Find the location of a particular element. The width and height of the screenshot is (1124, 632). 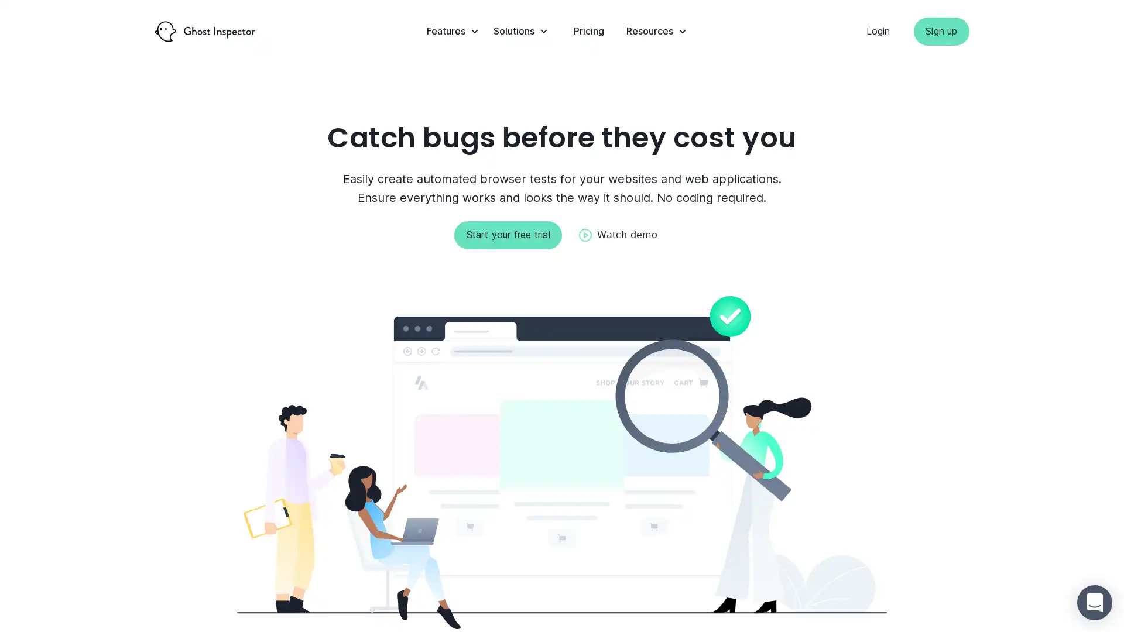

Watch demo is located at coordinates (617, 235).